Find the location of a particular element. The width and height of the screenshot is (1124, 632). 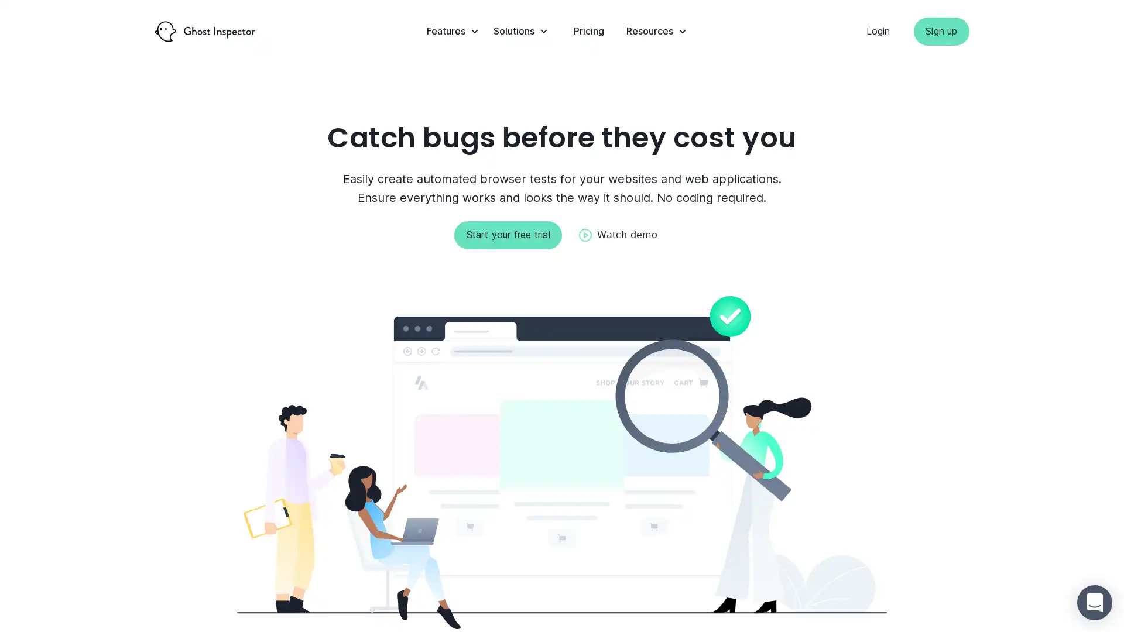

Watch demo is located at coordinates (617, 235).